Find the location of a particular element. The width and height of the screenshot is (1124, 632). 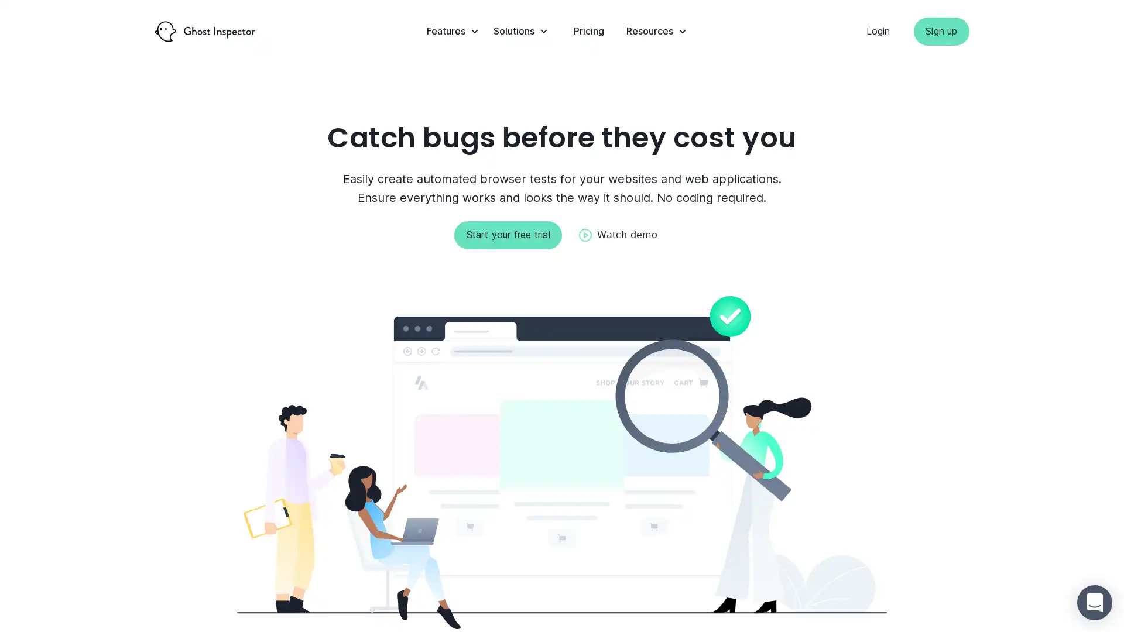

Watch demo is located at coordinates (617, 235).